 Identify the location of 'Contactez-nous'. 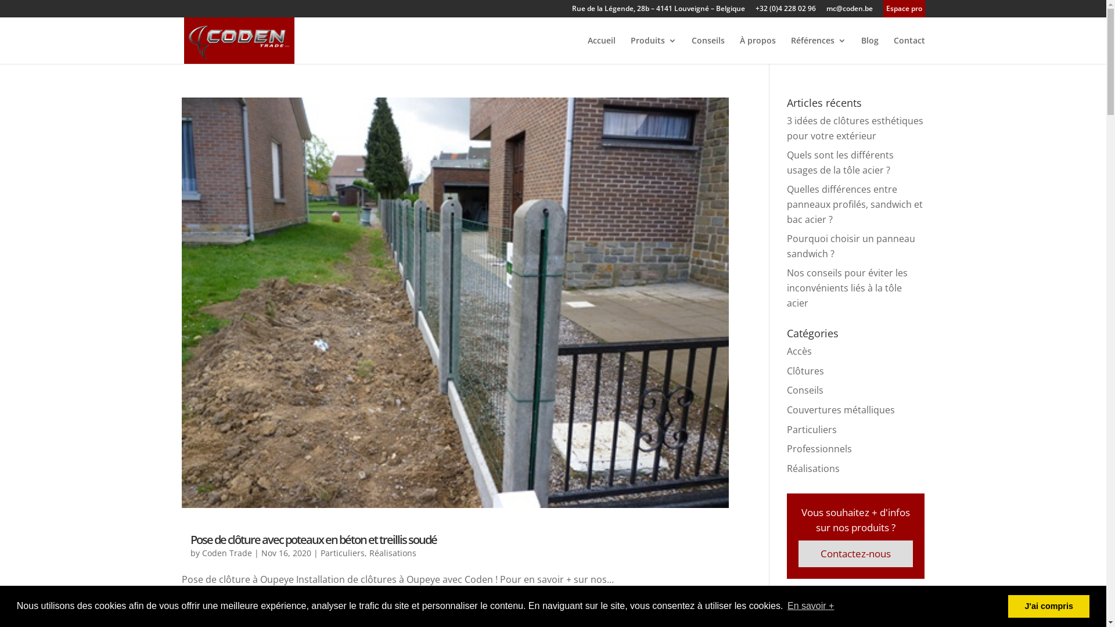
(855, 553).